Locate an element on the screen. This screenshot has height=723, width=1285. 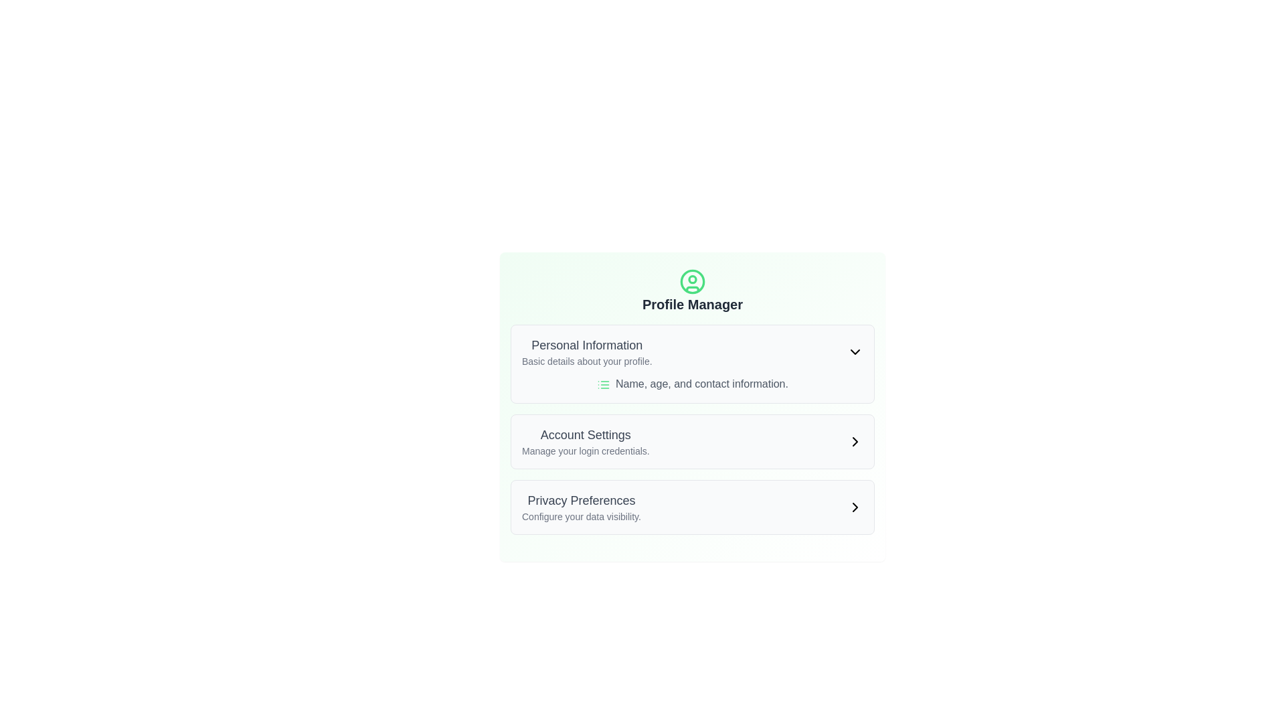
the 'Profile Manager' text label, which is a bold, large font element located below the green circular user icon at the top of the interface is located at coordinates (693, 305).